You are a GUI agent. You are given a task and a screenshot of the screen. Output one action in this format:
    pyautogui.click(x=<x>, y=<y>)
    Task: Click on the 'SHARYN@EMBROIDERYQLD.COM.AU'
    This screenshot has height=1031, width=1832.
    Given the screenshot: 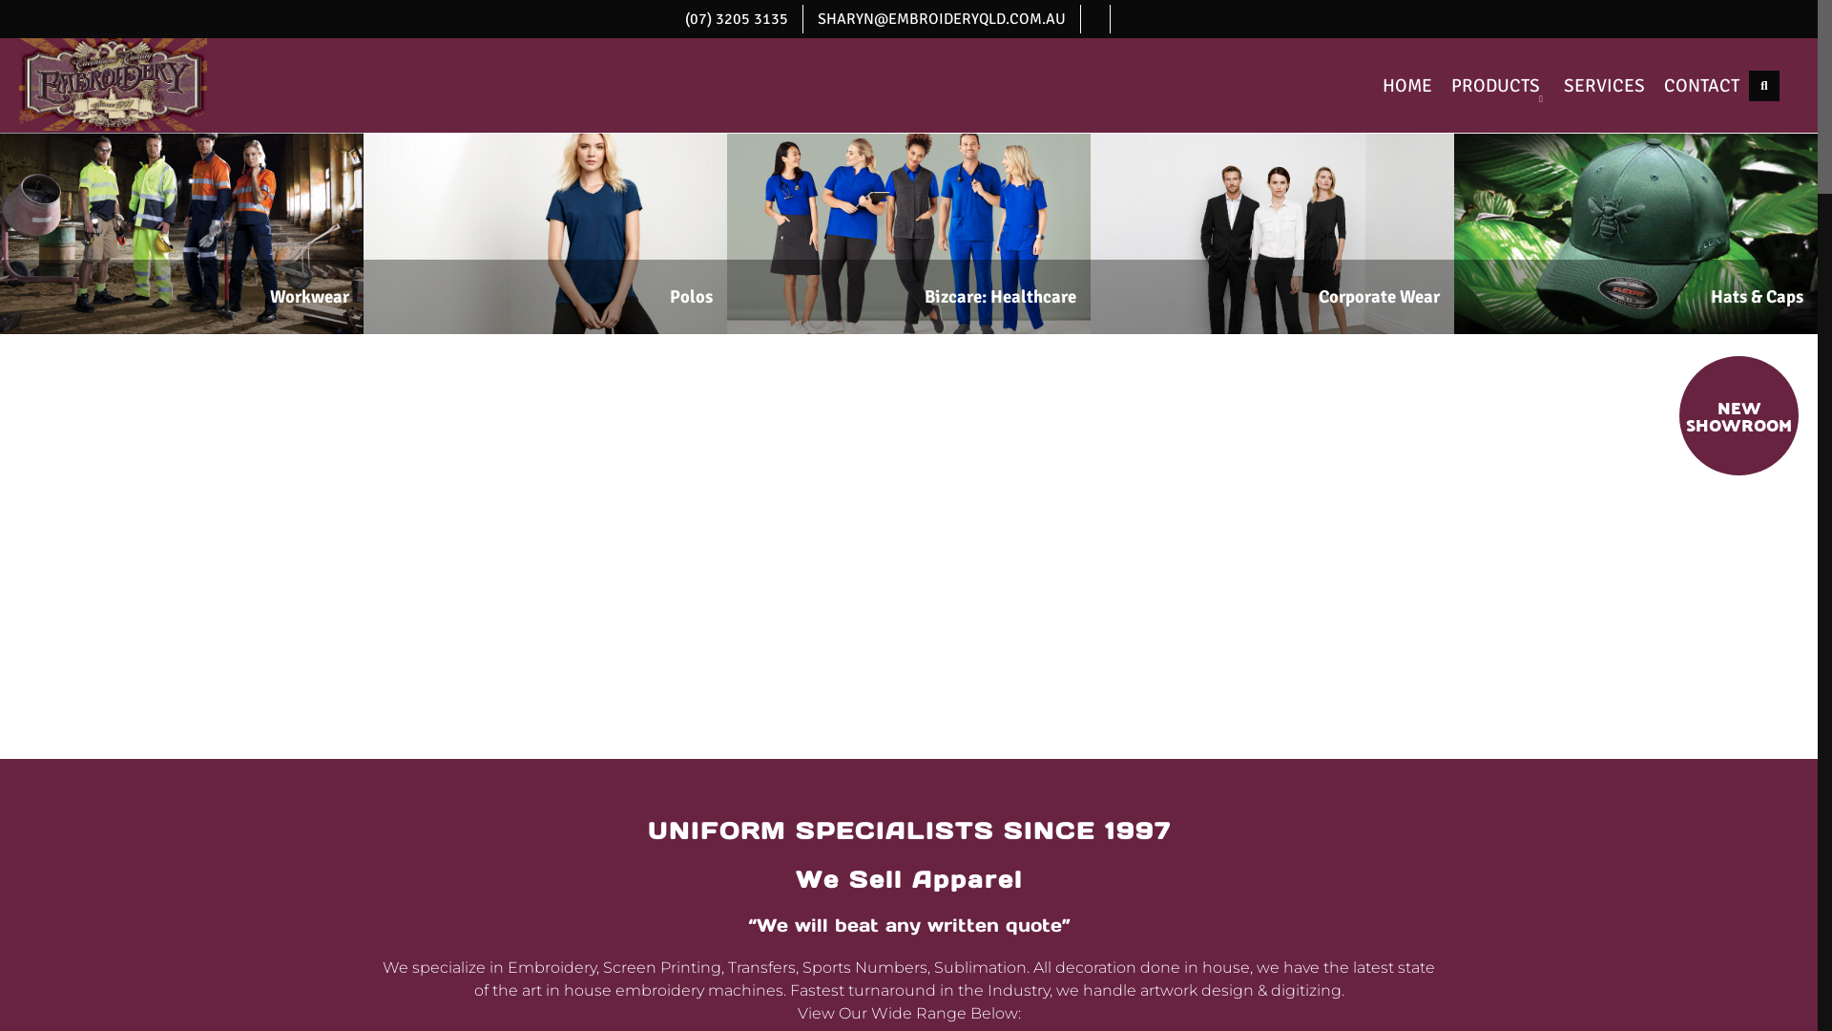 What is the action you would take?
    pyautogui.click(x=940, y=18)
    